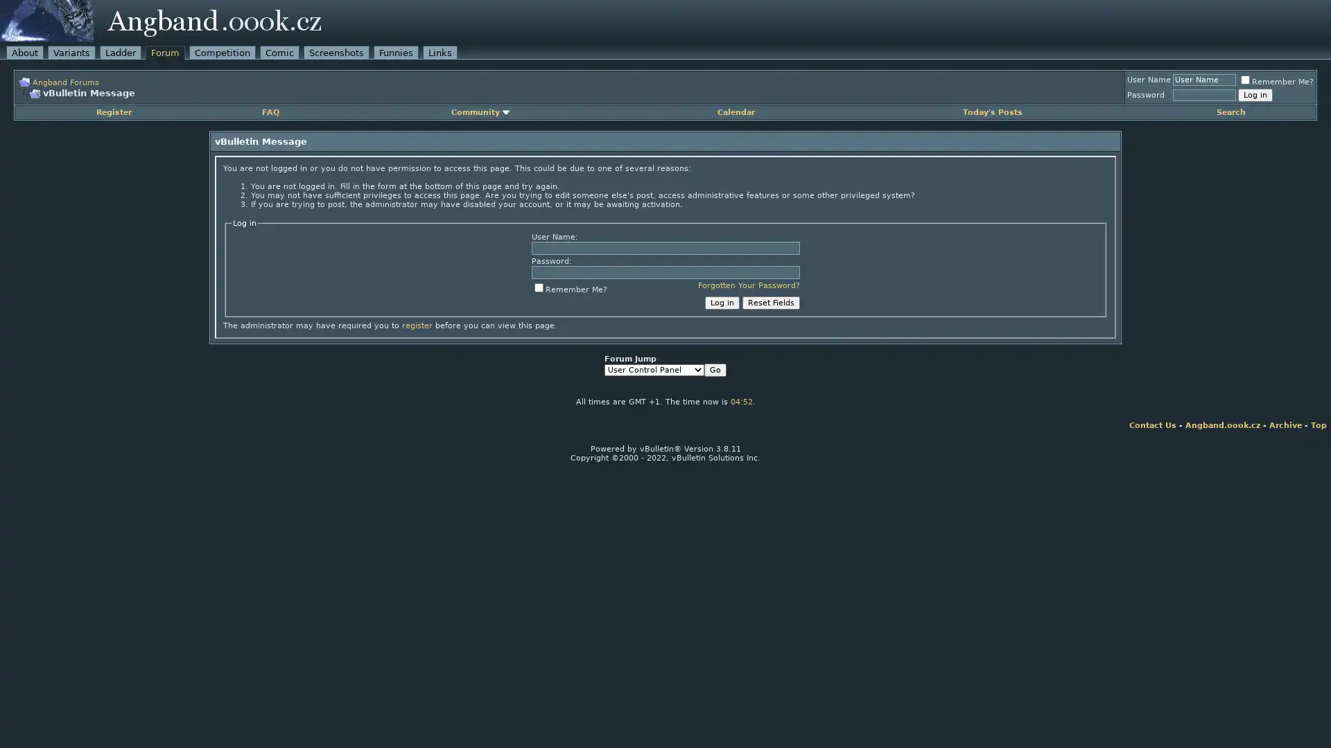 The height and width of the screenshot is (748, 1331). Describe the element at coordinates (769, 301) in the screenshot. I see `Reset Fields` at that location.